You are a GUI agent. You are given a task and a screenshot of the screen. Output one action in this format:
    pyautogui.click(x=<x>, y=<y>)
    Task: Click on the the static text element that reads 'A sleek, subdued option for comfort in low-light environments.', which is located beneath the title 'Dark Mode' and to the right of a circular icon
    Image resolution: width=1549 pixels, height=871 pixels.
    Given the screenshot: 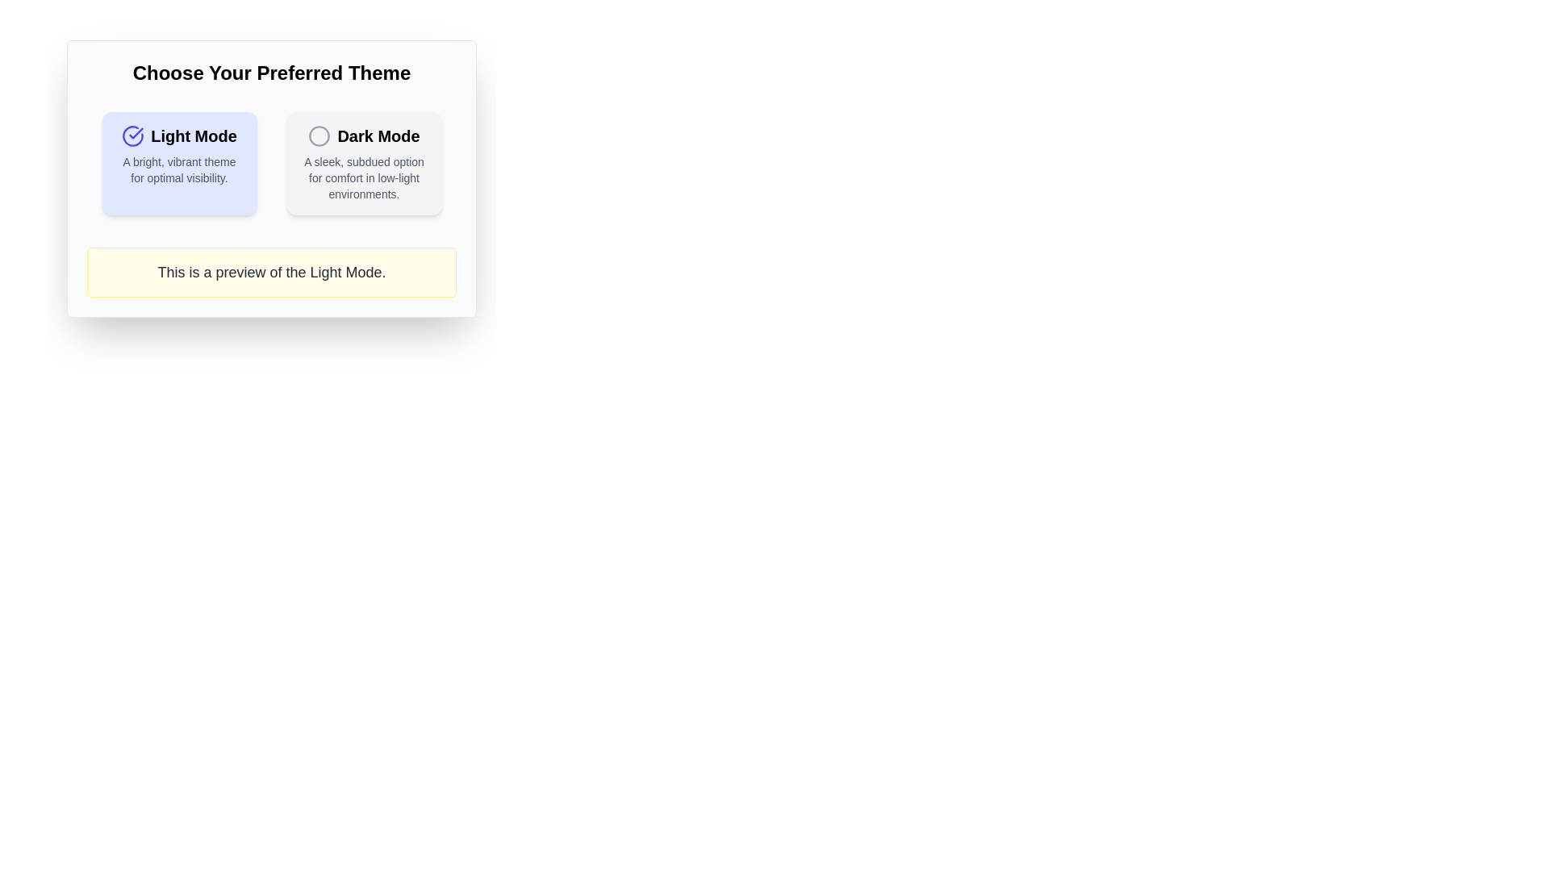 What is the action you would take?
    pyautogui.click(x=363, y=177)
    